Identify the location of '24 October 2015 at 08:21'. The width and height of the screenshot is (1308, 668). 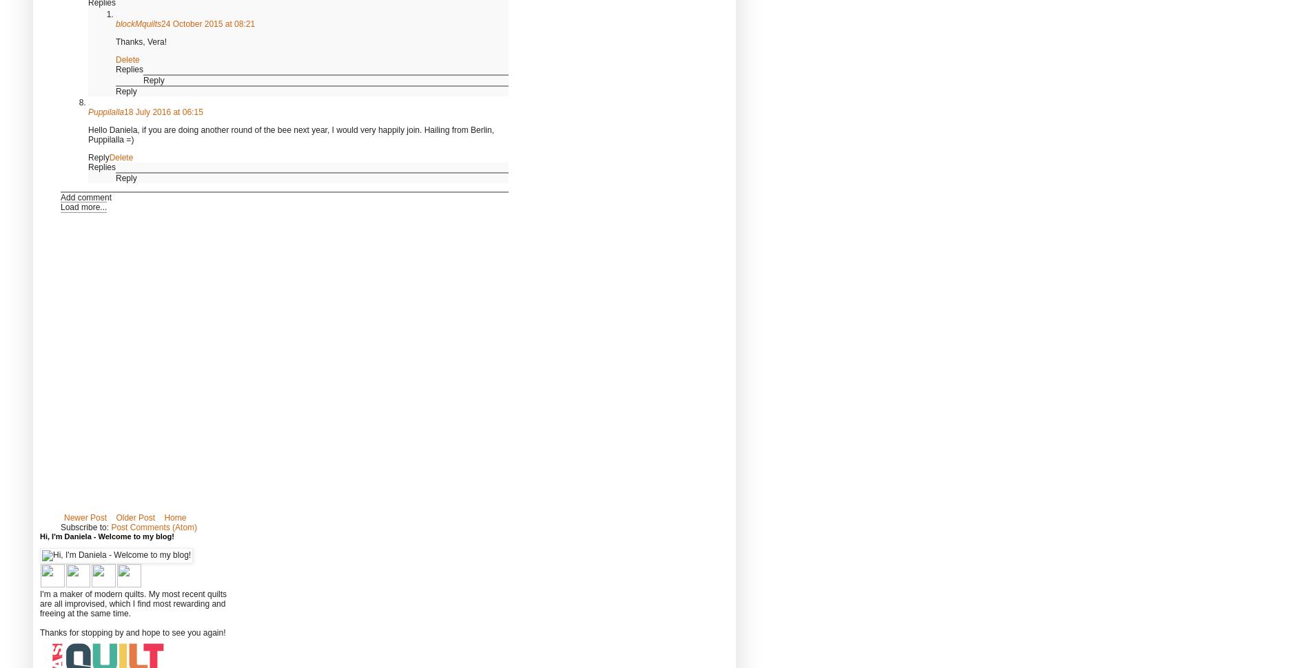
(207, 23).